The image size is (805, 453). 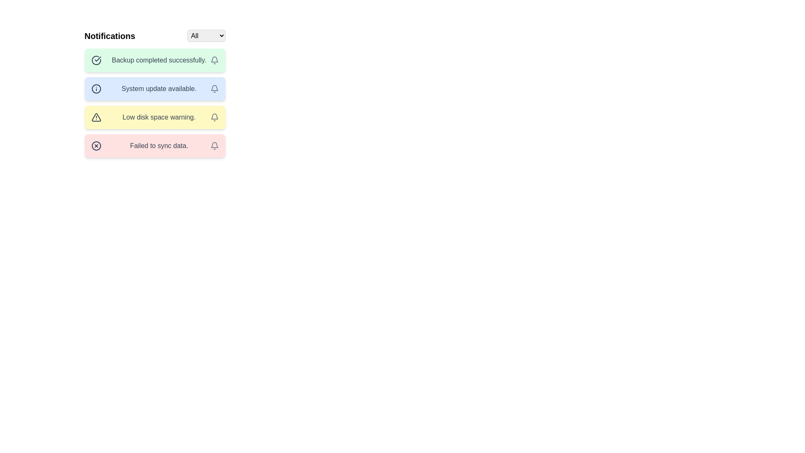 I want to click on the notification icon representing the last message labeled 'Failed to sync data', so click(x=214, y=116).